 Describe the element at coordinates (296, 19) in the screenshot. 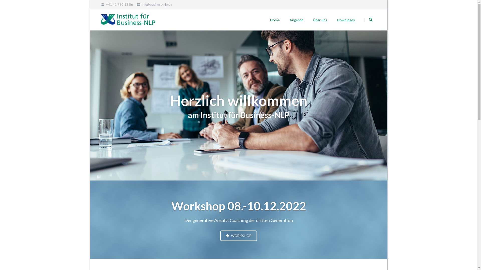

I see `'Angebot'` at that location.